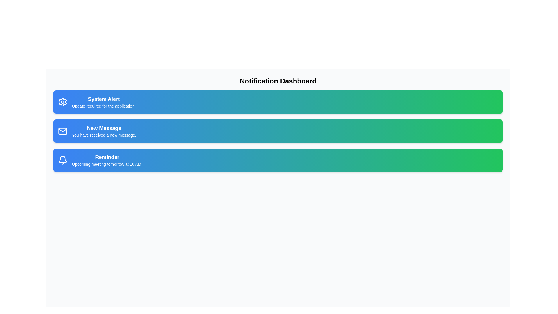 Image resolution: width=558 pixels, height=314 pixels. What do you see at coordinates (278, 81) in the screenshot?
I see `the title 'Notification Dashboard'` at bounding box center [278, 81].